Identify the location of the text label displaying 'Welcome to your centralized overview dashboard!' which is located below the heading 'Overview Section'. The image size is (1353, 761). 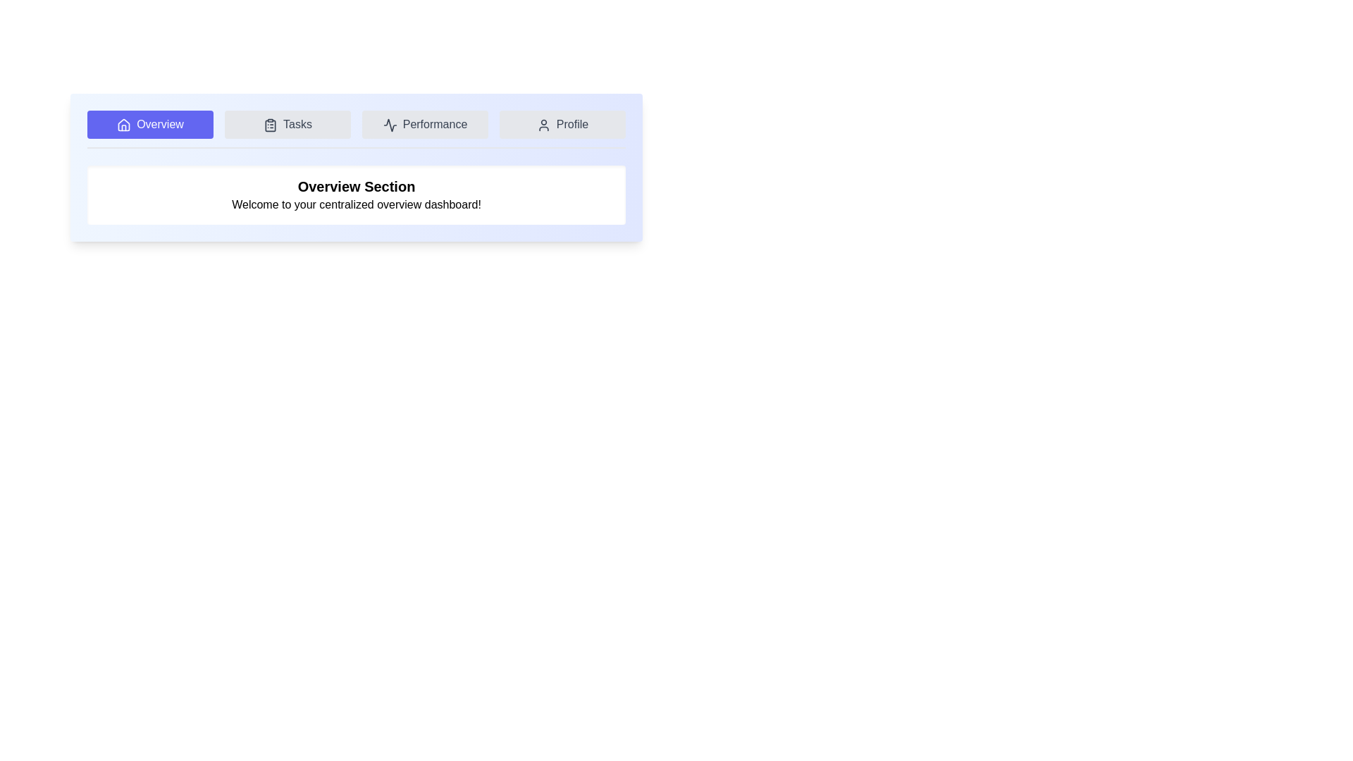
(356, 204).